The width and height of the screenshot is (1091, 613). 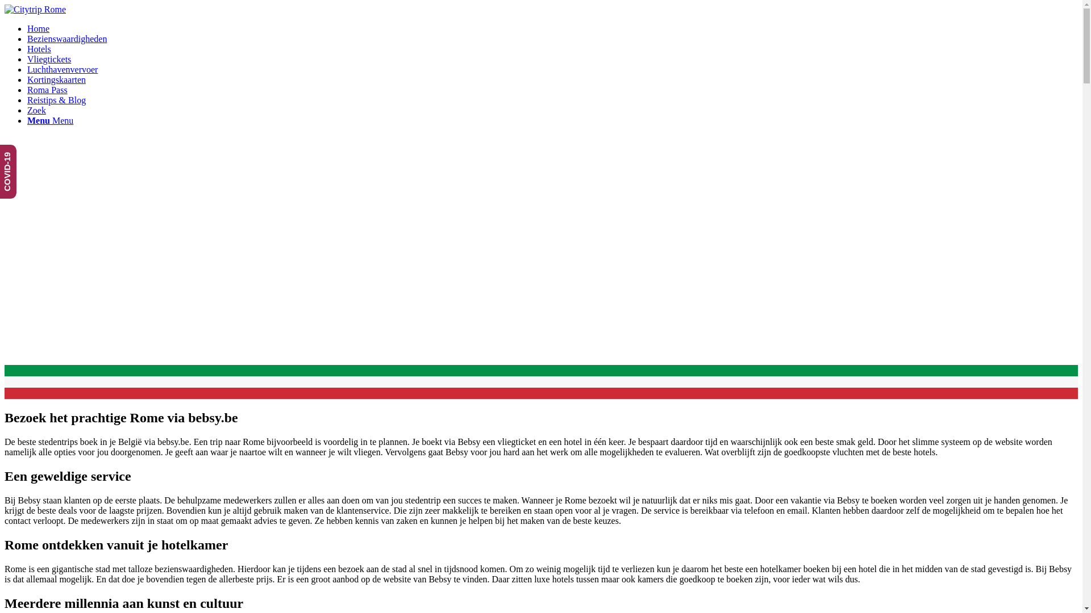 I want to click on 'Reistips & Blog', so click(x=56, y=99).